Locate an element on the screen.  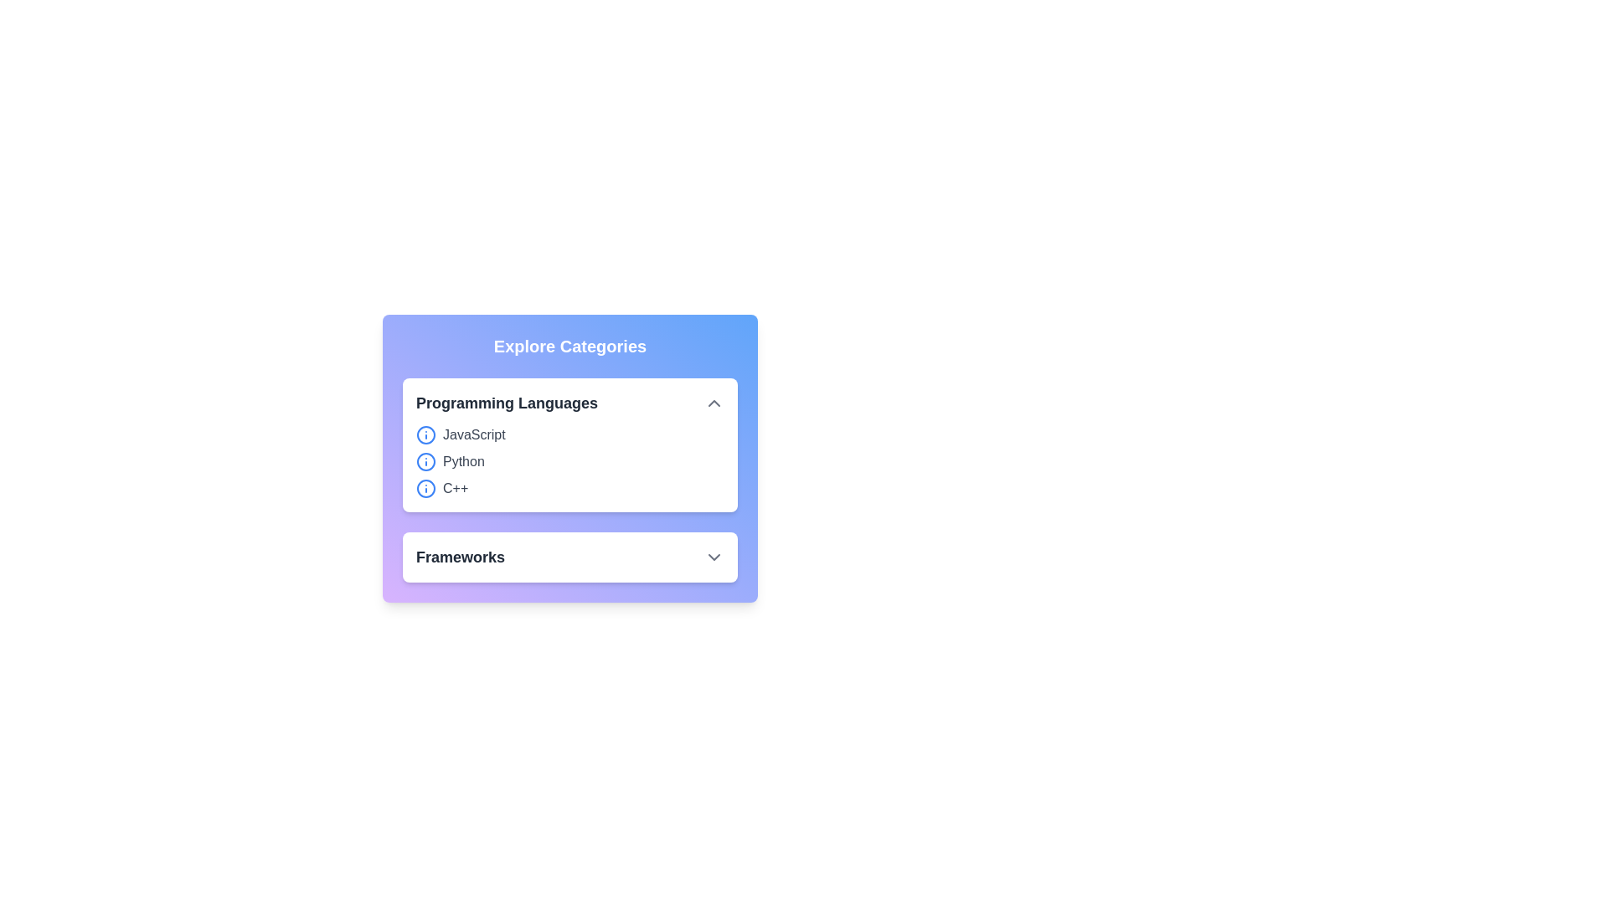
the info icon next to Python to inspect the item is located at coordinates (425, 461).